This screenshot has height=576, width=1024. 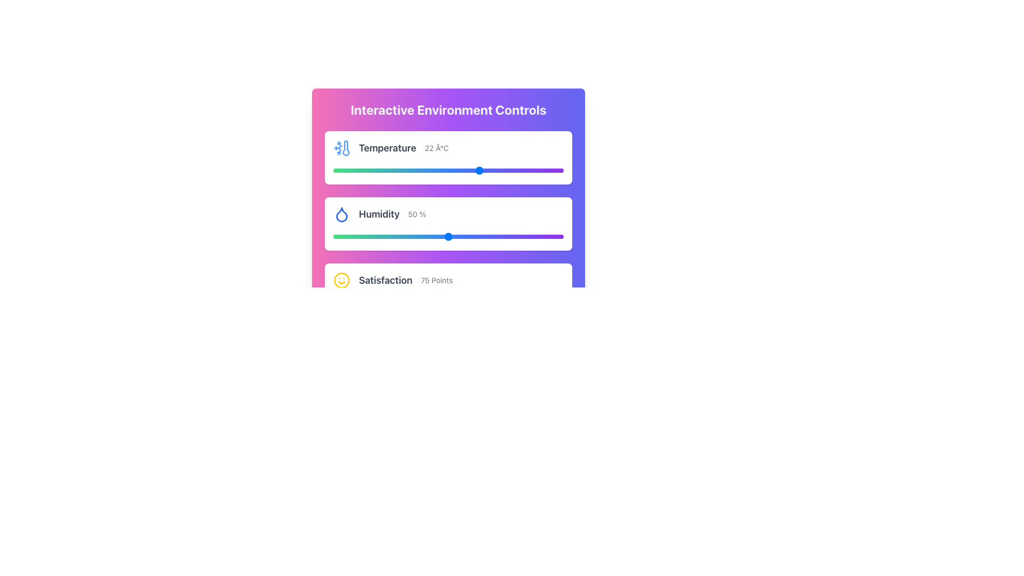 I want to click on the blue circle of the humidity slider control, so click(x=448, y=223).